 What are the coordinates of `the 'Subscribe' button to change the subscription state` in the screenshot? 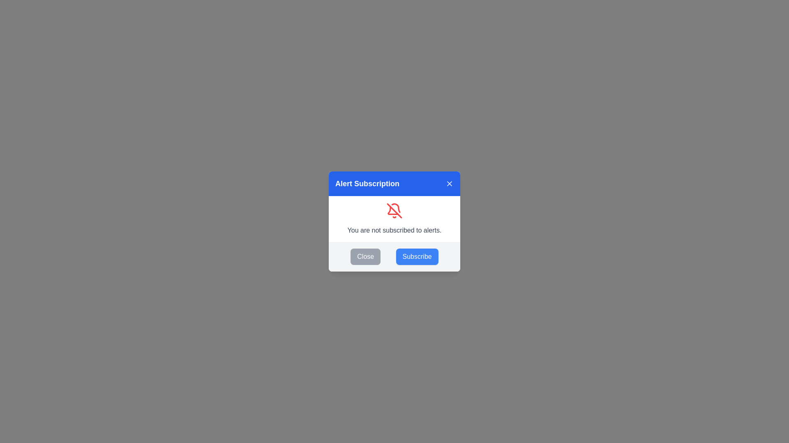 It's located at (417, 256).